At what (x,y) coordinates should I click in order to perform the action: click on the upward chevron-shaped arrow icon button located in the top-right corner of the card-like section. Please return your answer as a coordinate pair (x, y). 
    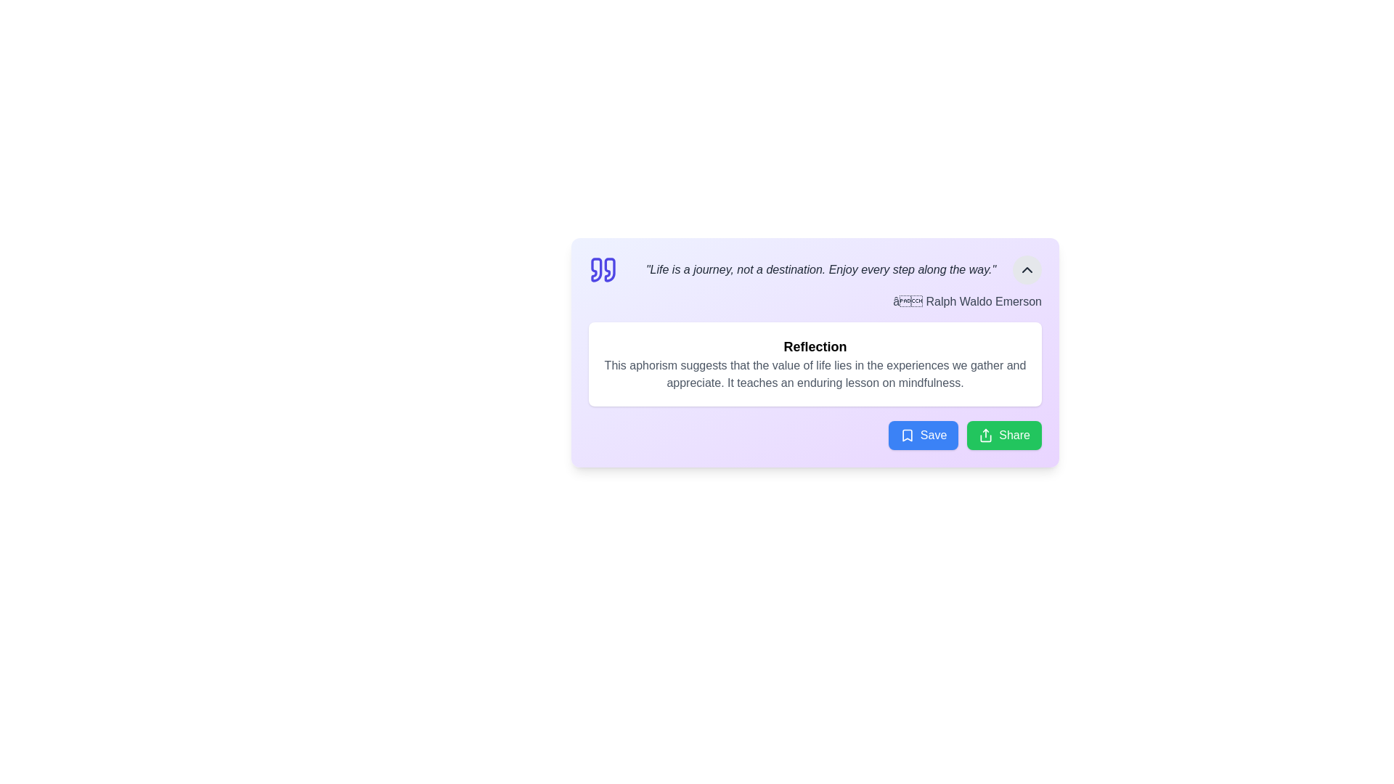
    Looking at the image, I should click on (1027, 269).